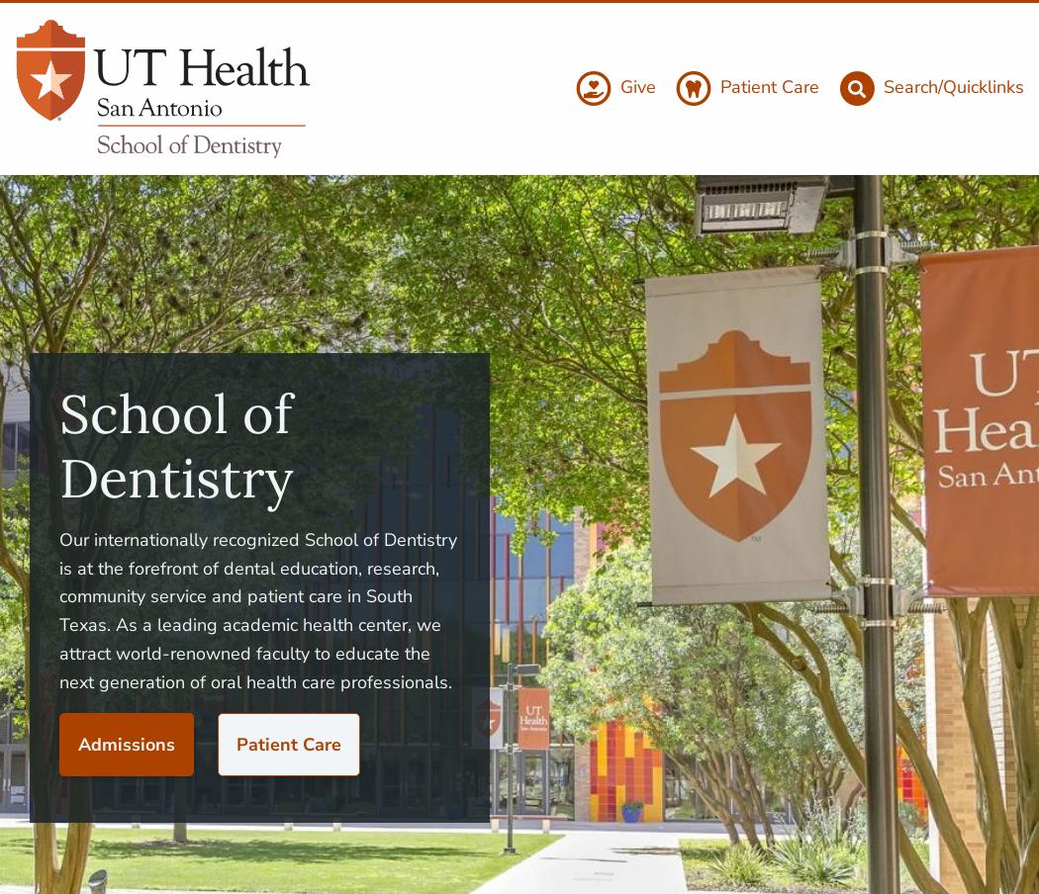 The height and width of the screenshot is (894, 1039). What do you see at coordinates (965, 724) in the screenshot?
I see `'LiveMail'` at bounding box center [965, 724].